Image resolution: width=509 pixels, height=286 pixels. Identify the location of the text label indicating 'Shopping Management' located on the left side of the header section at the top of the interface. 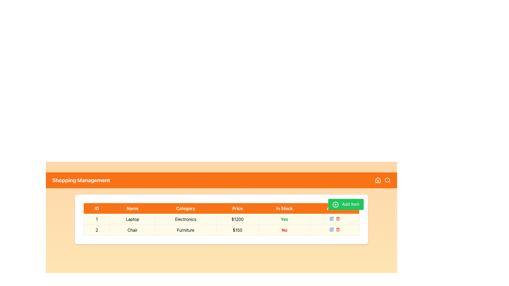
(81, 180).